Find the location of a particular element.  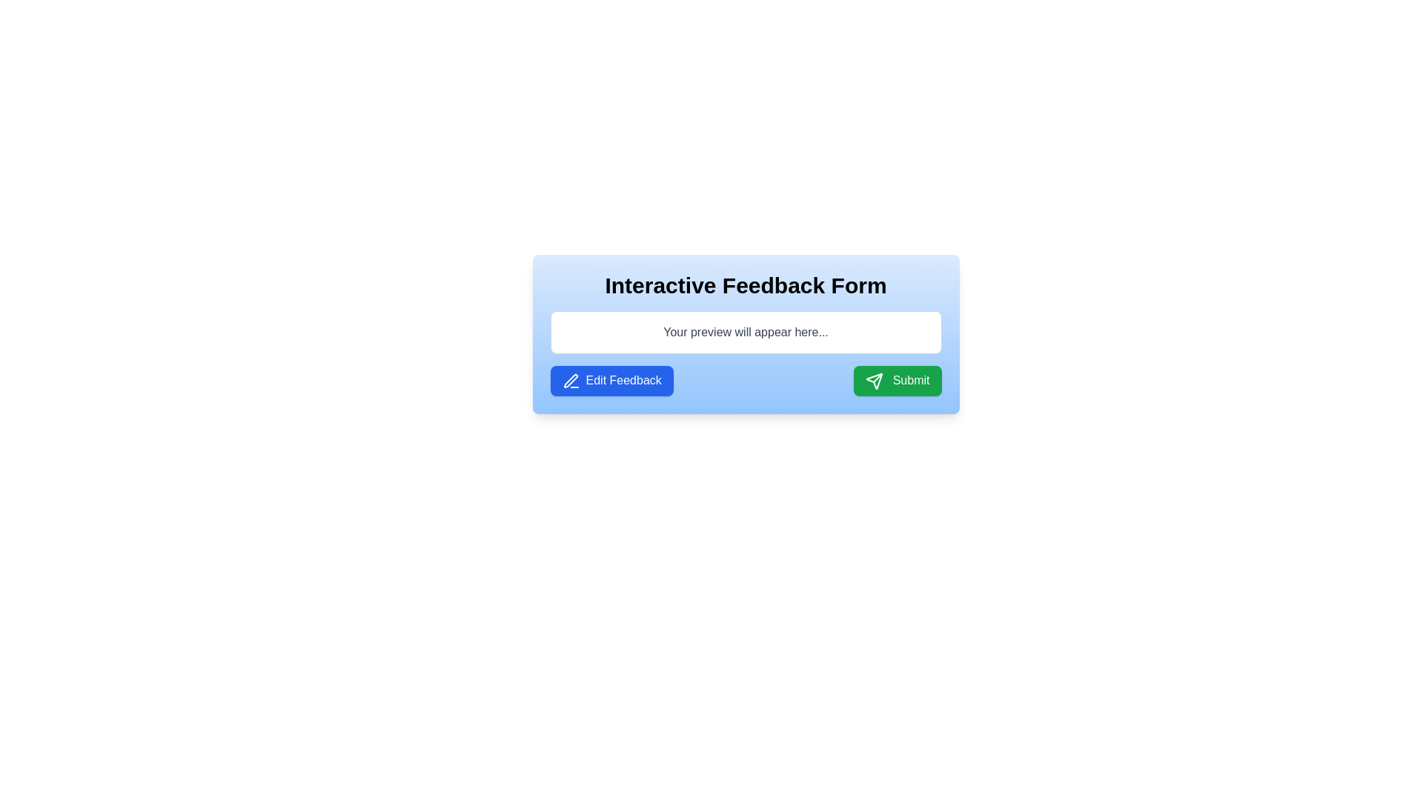

the heading element that serves as the title for the feedback form, located within a rounded rectangle panel with a gradient blue background, positioned above the white text area placeholder is located at coordinates (746, 285).